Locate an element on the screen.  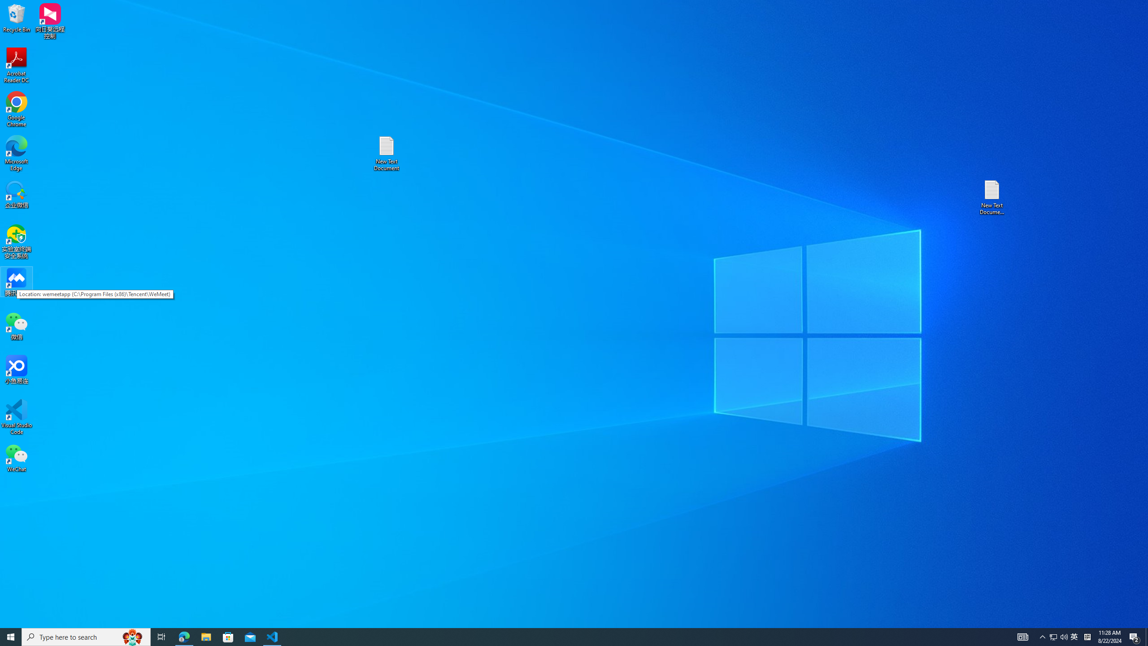
'Type here to search' is located at coordinates (86, 636).